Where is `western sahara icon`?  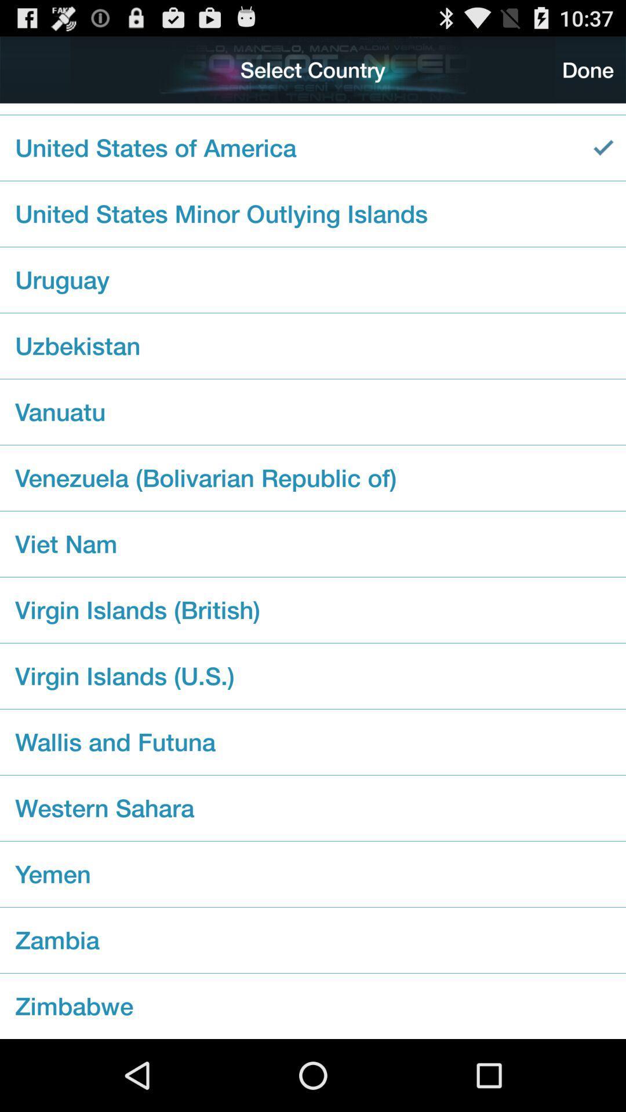 western sahara icon is located at coordinates (313, 807).